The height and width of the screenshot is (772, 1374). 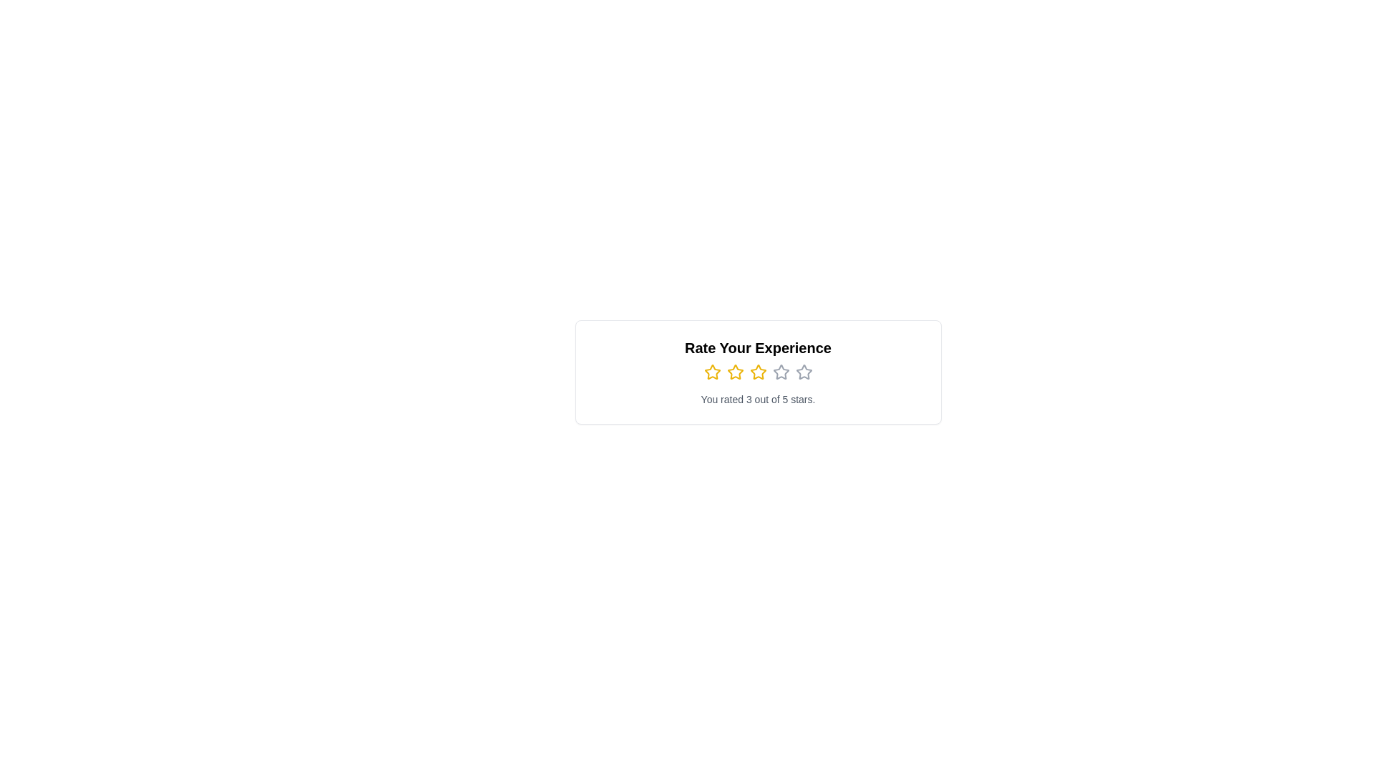 What do you see at coordinates (735, 371) in the screenshot?
I see `the third Interactive Rating Star, which has a bold yellow border and a white fill` at bounding box center [735, 371].